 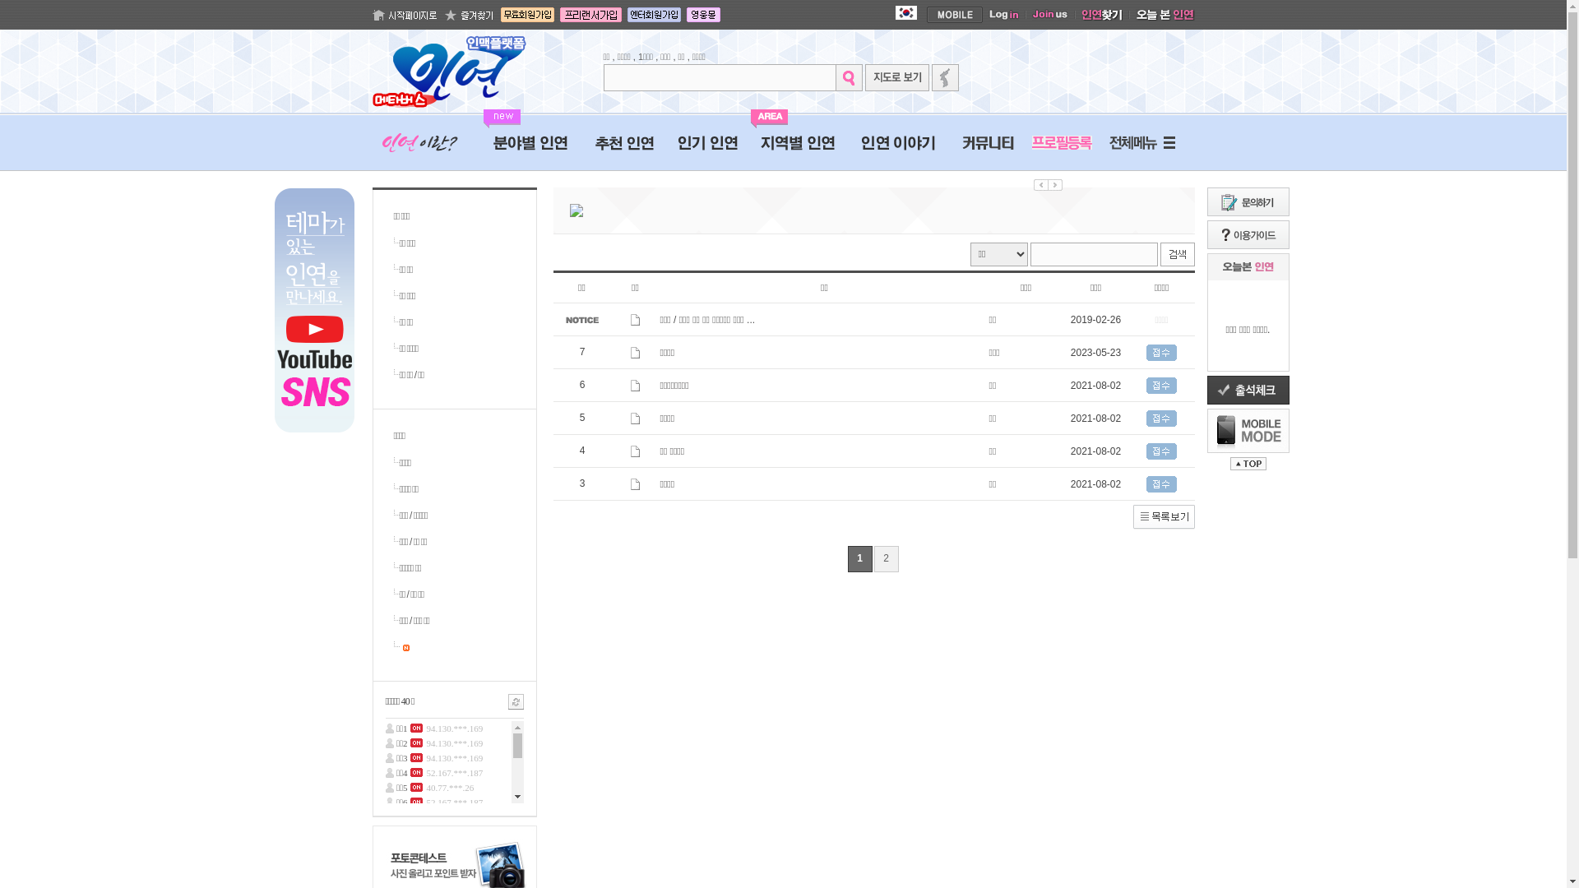 I want to click on '2', so click(x=886, y=557).